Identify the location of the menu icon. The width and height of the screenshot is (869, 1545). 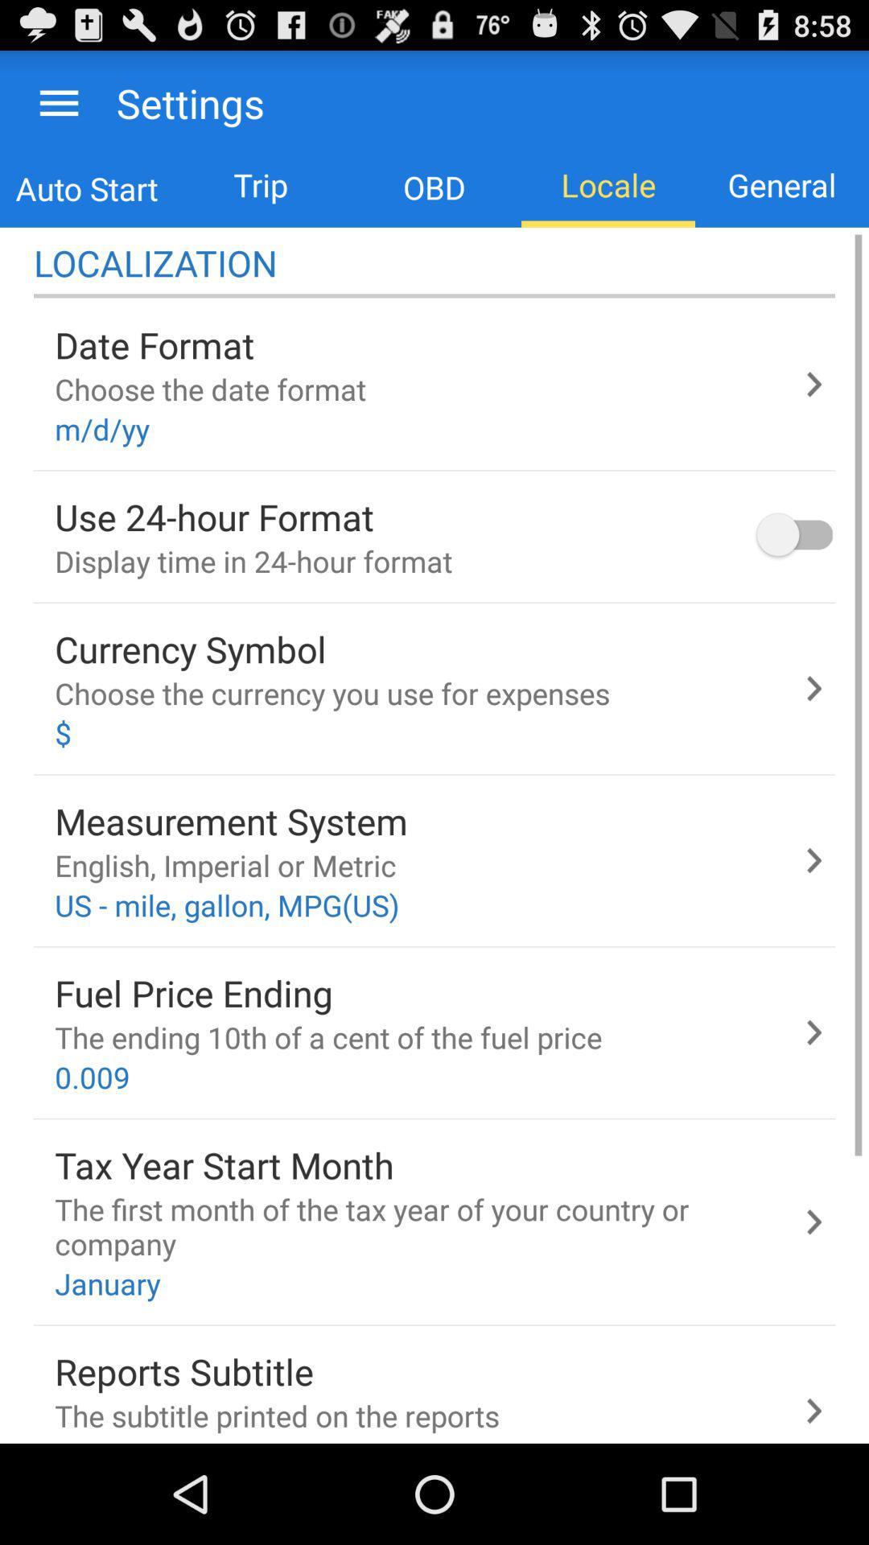
(58, 109).